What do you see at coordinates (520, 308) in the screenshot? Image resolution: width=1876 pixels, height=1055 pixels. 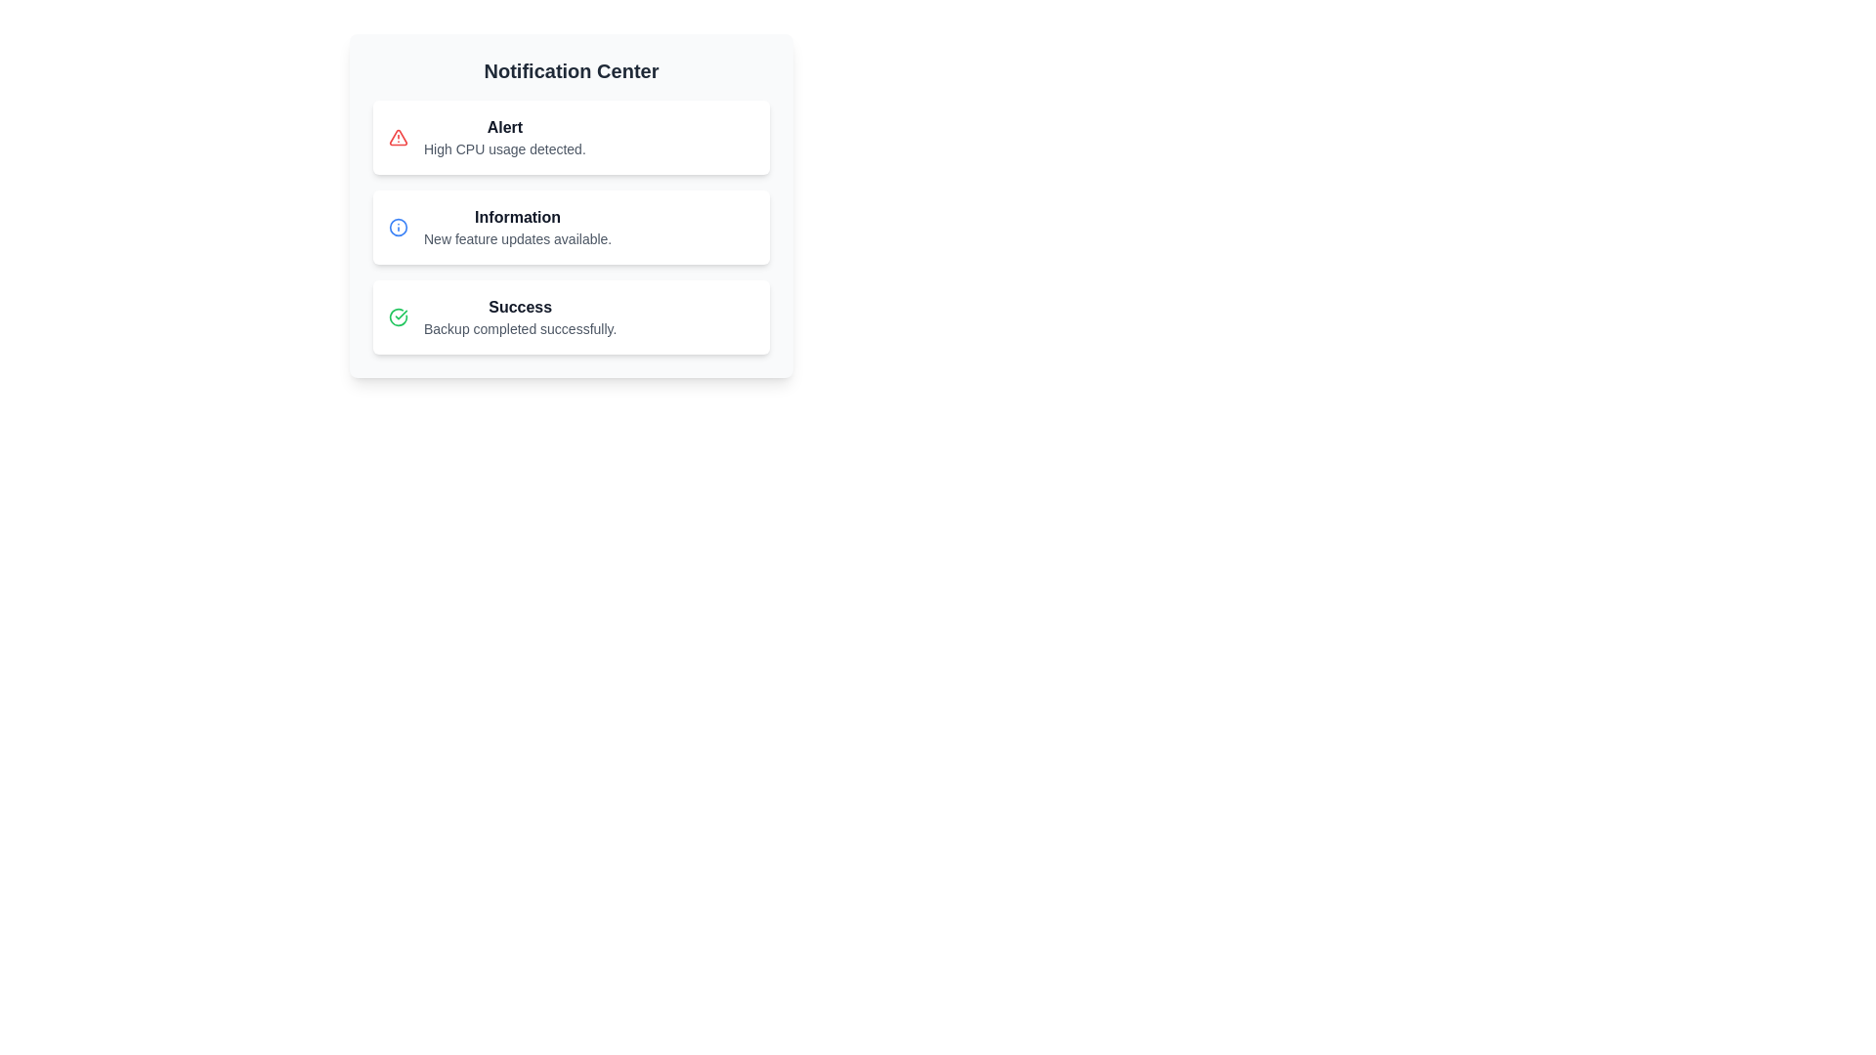 I see `the title text label of the third notification in the Notification Center, which is located below a green icon and above the descriptive text 'Backup completed successfully.'` at bounding box center [520, 308].